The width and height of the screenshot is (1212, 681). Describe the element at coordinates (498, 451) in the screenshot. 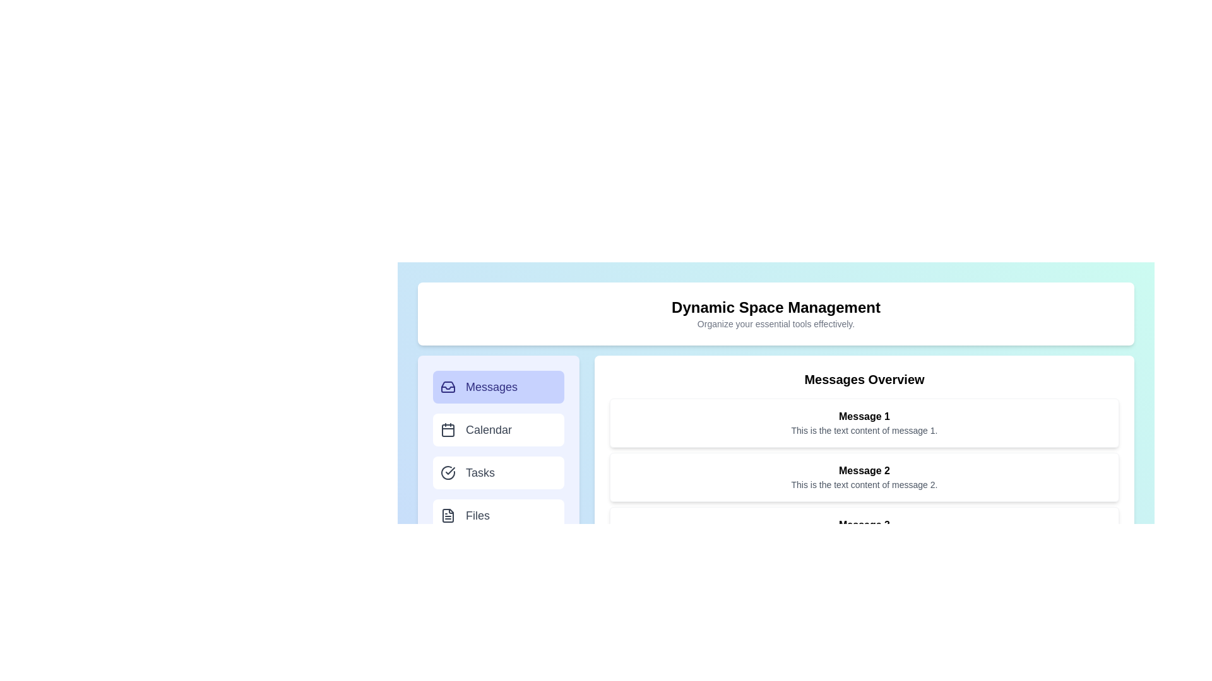

I see `the navigational button located below the 'Messages' option and above the 'Tasks' option in the left-hand side menu` at that location.